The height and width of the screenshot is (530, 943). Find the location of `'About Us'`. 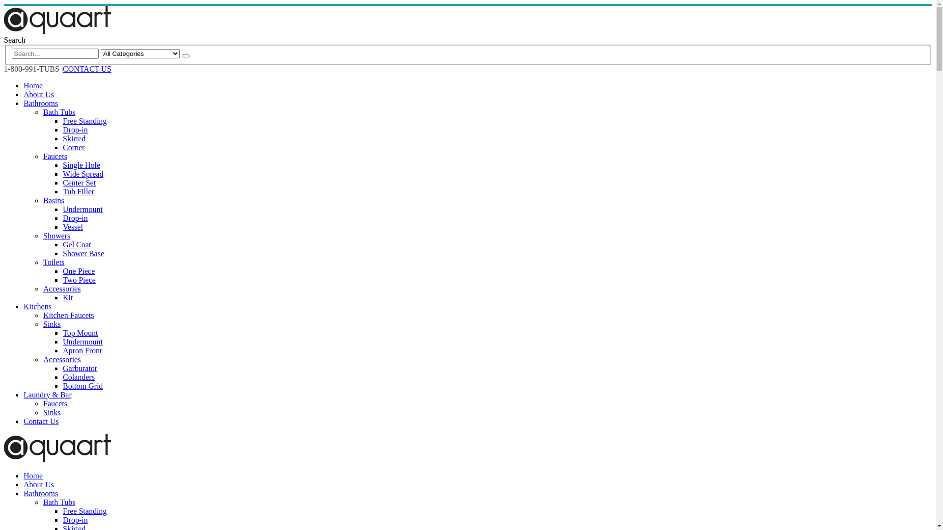

'About Us' is located at coordinates (38, 484).